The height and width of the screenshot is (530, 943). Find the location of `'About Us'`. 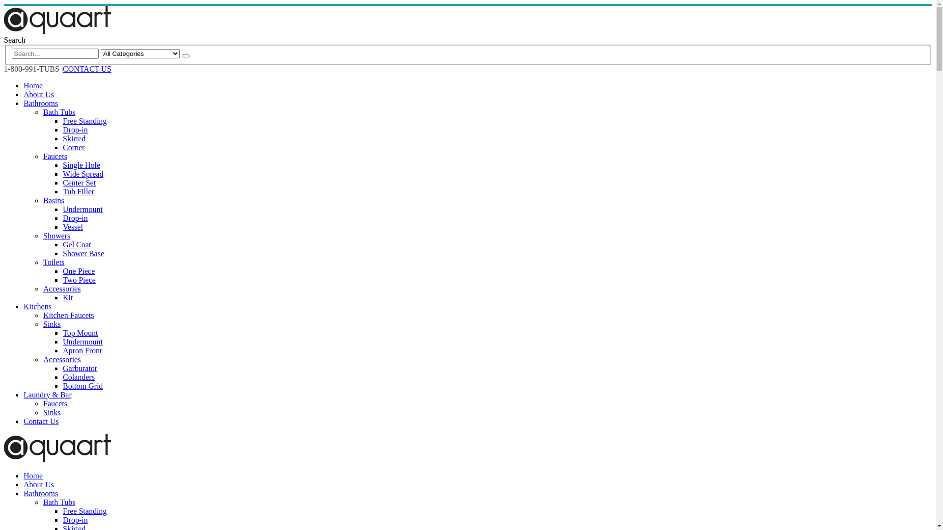

'About Us' is located at coordinates (38, 484).